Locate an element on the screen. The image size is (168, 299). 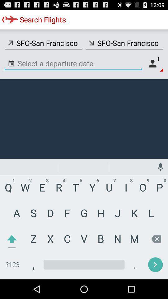
the avatar icon is located at coordinates (154, 68).